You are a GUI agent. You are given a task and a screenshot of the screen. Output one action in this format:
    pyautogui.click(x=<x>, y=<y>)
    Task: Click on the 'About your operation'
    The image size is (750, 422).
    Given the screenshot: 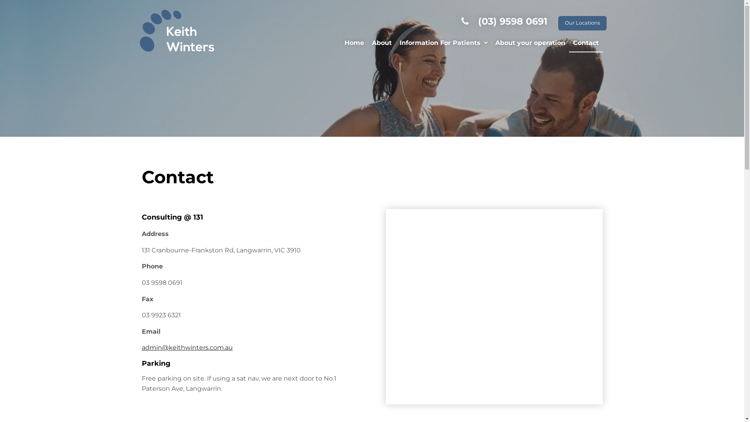 What is the action you would take?
    pyautogui.click(x=491, y=43)
    